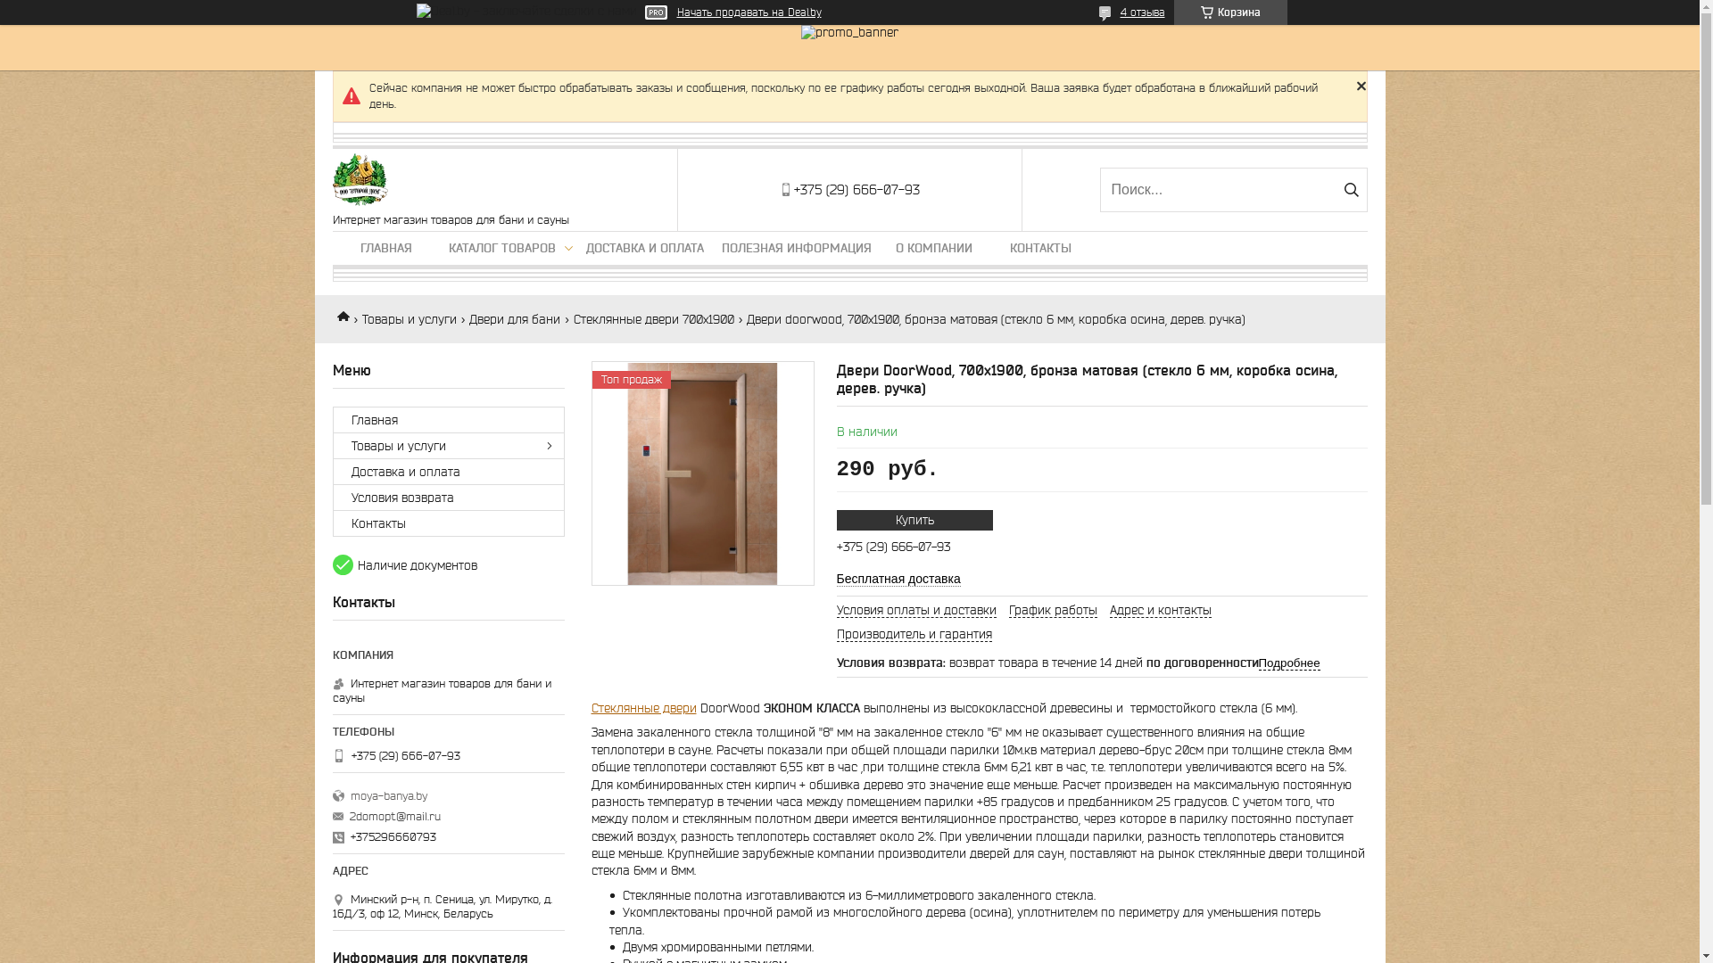  Describe the element at coordinates (350, 816) in the screenshot. I see `'2domopt@mail.ru'` at that location.